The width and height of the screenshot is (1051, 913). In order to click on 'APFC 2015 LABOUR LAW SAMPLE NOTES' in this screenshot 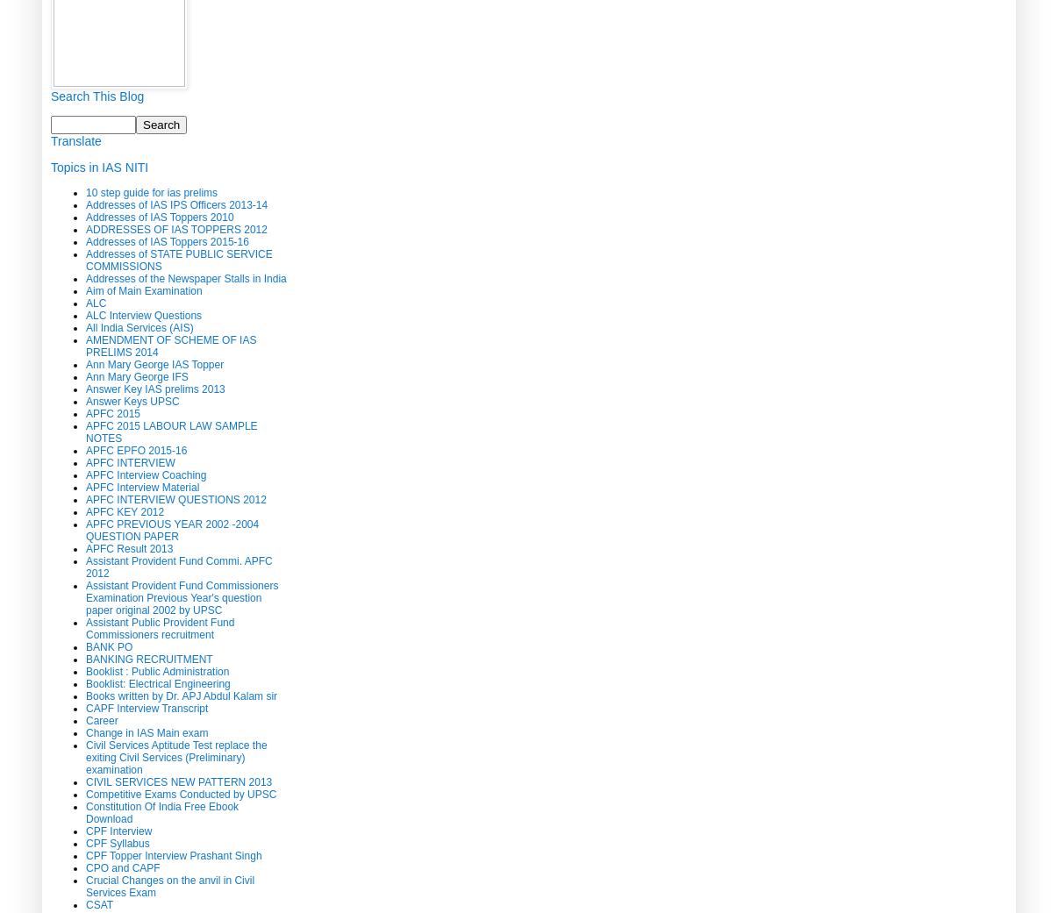, I will do `click(170, 430)`.